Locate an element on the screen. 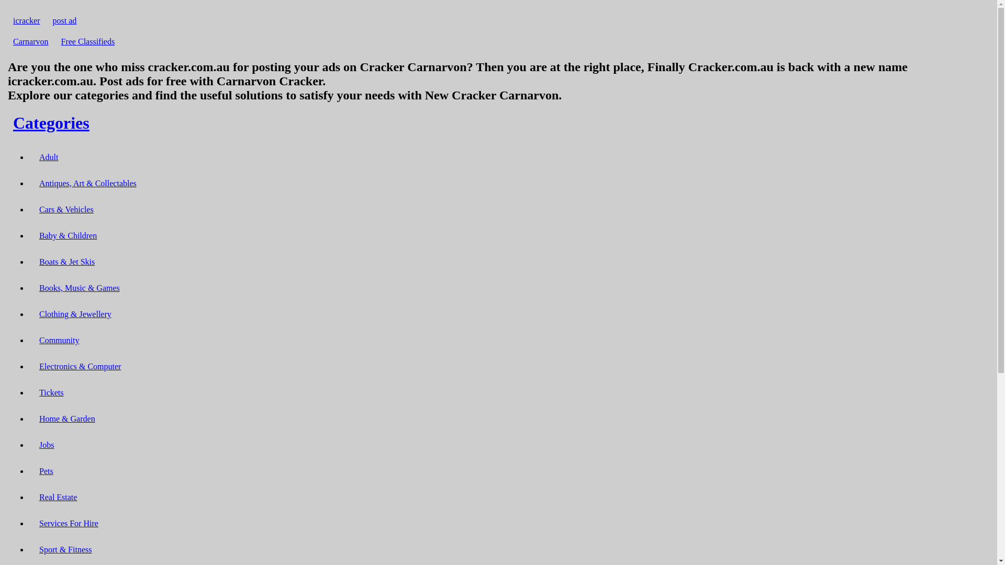  'Real Estate' is located at coordinates (57, 496).